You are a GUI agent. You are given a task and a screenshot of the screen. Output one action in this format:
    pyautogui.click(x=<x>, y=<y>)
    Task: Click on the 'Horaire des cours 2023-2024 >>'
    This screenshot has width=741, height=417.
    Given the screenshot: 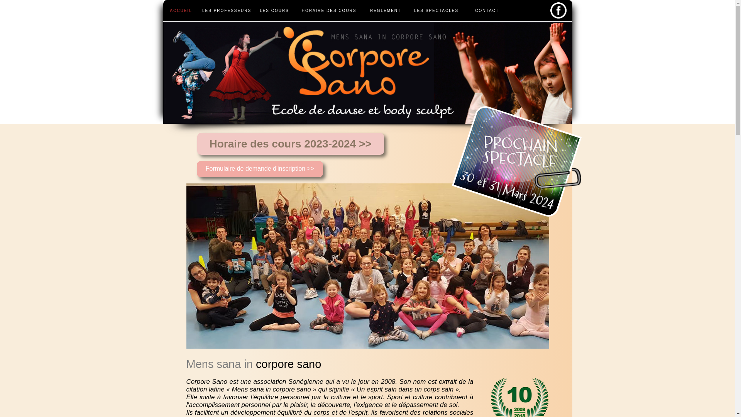 What is the action you would take?
    pyautogui.click(x=197, y=144)
    